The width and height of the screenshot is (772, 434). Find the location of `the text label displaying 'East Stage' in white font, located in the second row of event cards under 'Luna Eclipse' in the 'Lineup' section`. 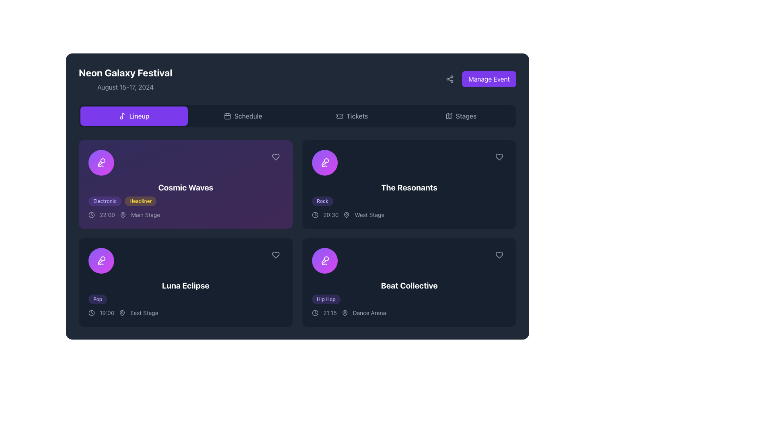

the text label displaying 'East Stage' in white font, located in the second row of event cards under 'Luna Eclipse' in the 'Lineup' section is located at coordinates (144, 313).